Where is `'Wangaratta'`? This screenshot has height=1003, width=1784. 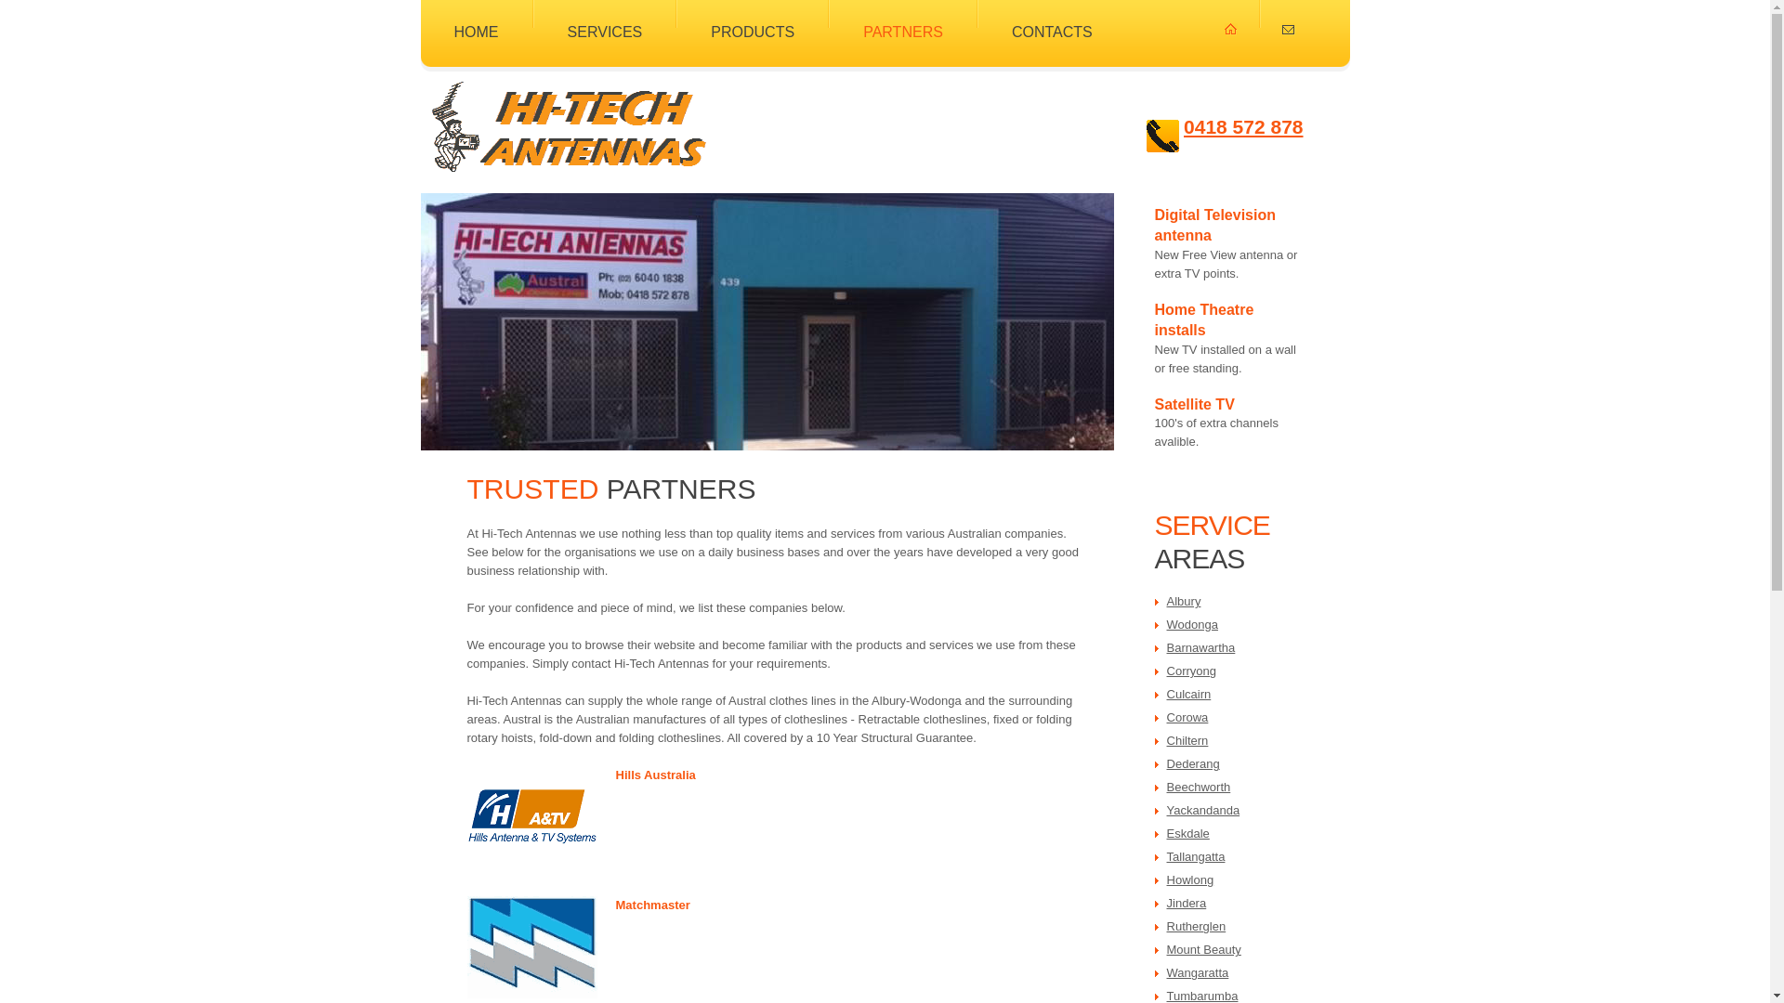
'Wangaratta' is located at coordinates (1198, 971).